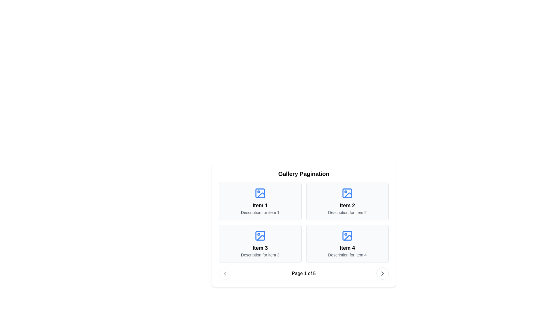 This screenshot has height=314, width=559. Describe the element at coordinates (224, 274) in the screenshot. I see `the left navigation button with an SVG icon at the bottom-left corner of the gallery pagination` at that location.